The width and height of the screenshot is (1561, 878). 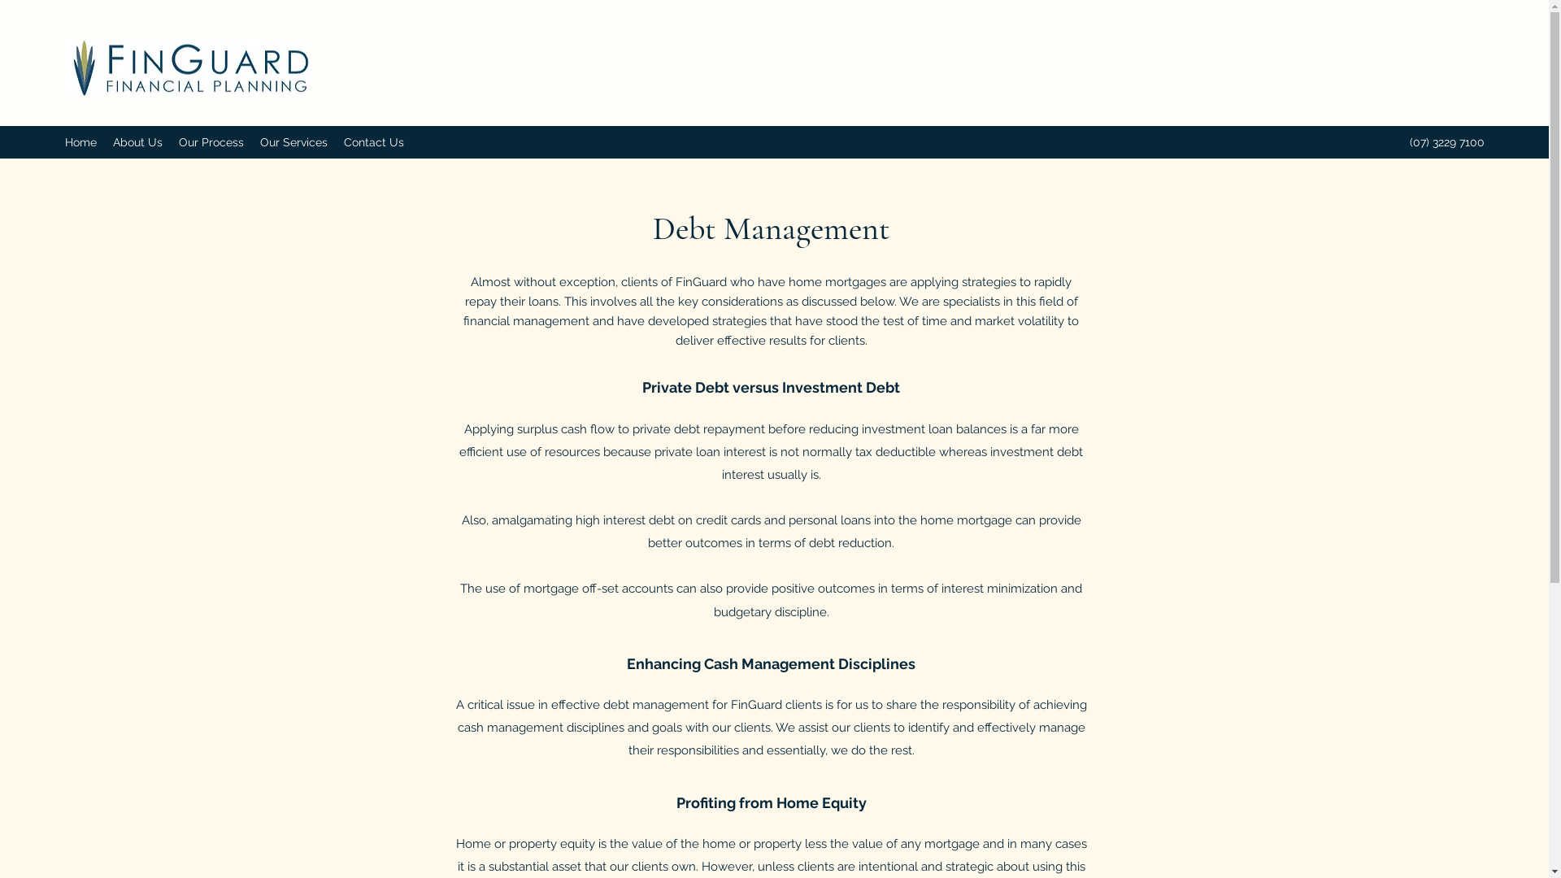 I want to click on 'Our Process', so click(x=210, y=141).